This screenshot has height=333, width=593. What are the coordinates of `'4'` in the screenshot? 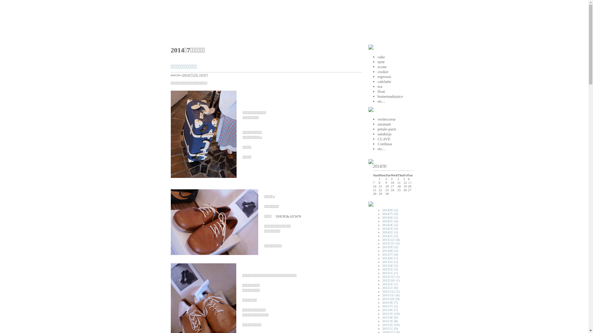 It's located at (397, 179).